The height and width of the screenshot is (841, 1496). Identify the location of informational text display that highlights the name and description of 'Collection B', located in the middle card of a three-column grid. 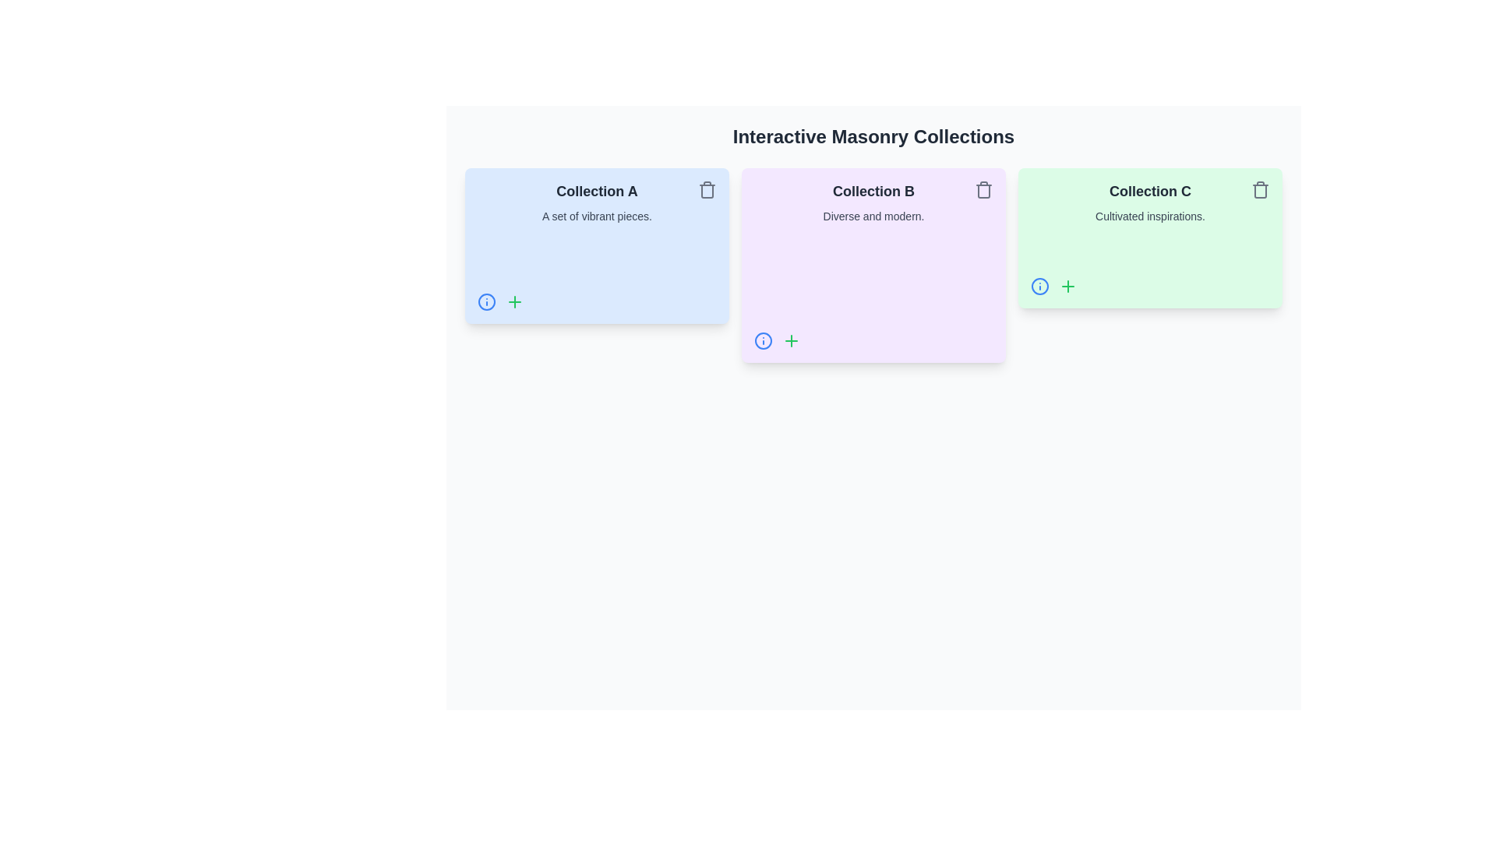
(873, 201).